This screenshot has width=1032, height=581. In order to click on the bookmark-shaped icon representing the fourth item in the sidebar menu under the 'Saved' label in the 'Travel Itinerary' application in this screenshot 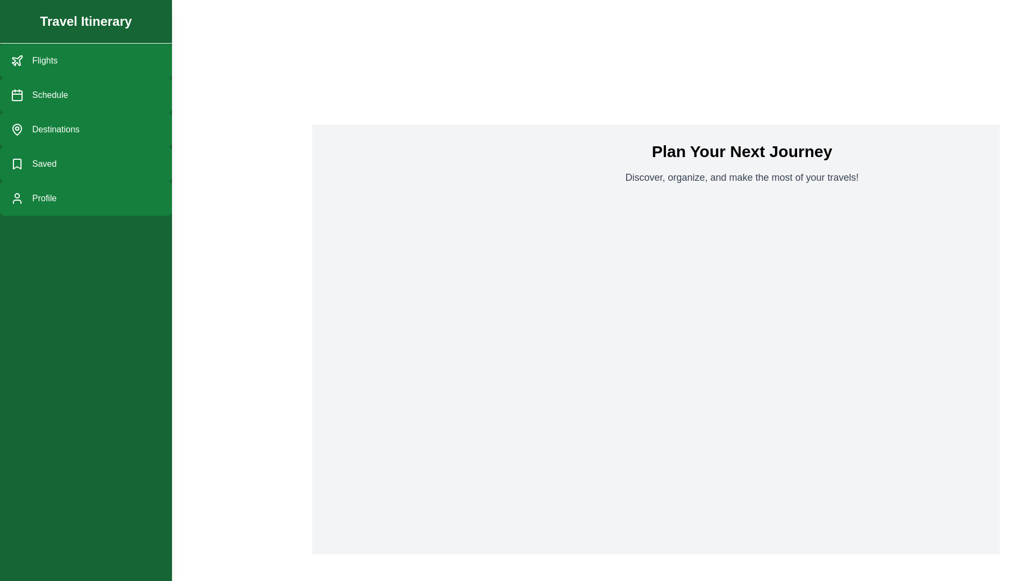, I will do `click(17, 164)`.